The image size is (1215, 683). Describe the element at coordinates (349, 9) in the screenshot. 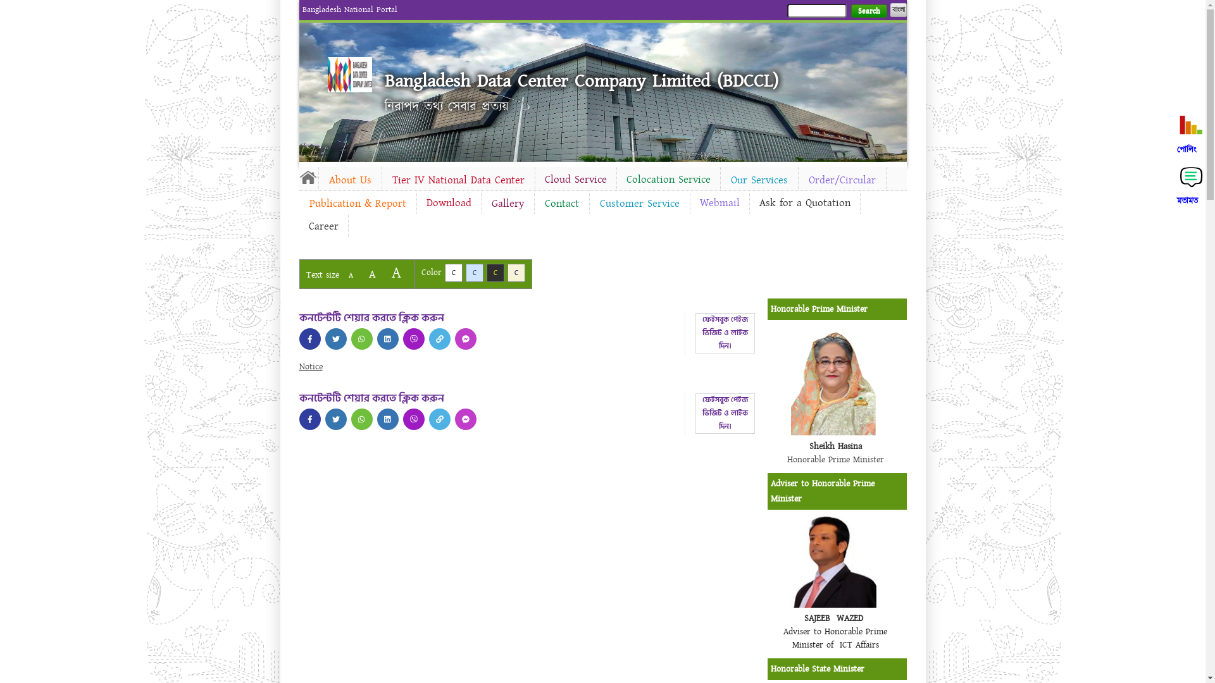

I see `'Bangladesh National Portal'` at that location.